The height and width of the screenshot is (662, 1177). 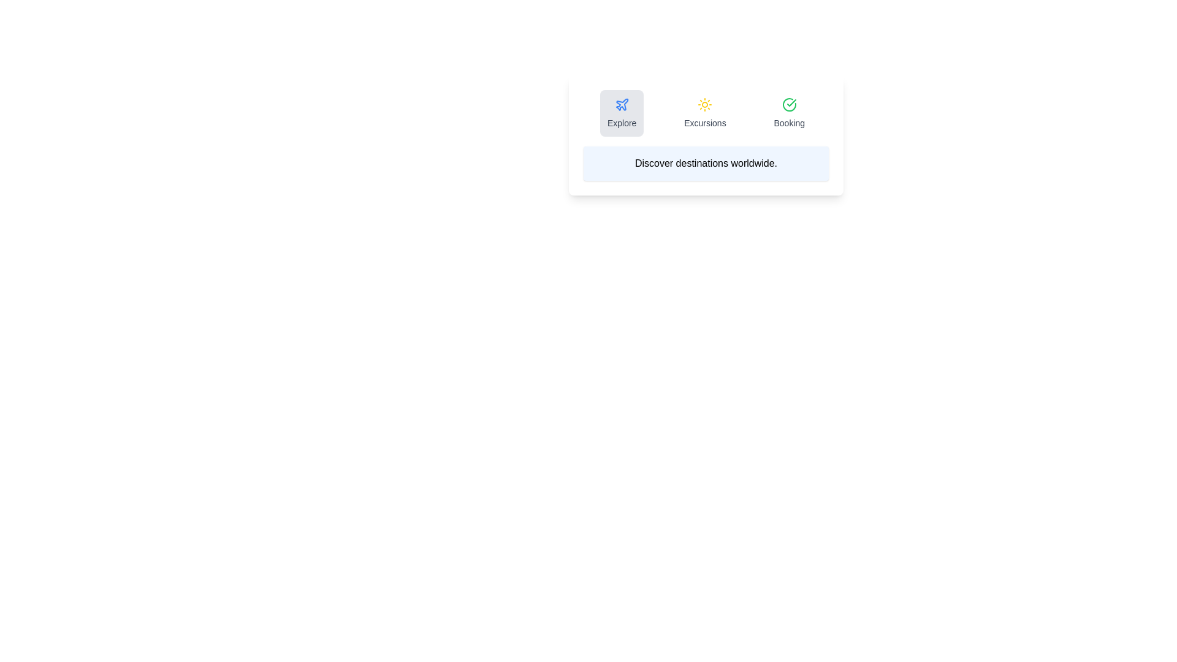 I want to click on the tab named Excursions, so click(x=705, y=113).